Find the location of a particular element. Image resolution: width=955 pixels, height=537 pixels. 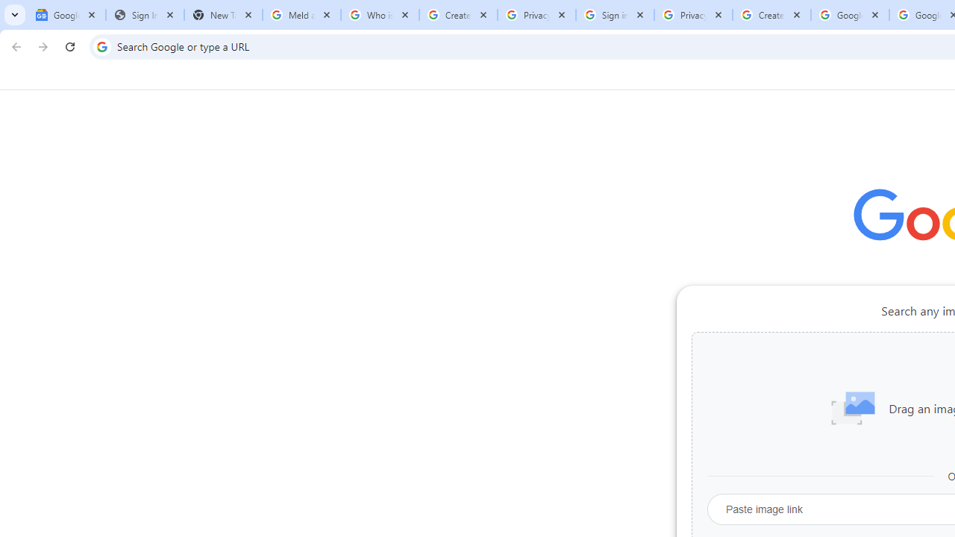

'Sign In - USA TODAY' is located at coordinates (145, 15).